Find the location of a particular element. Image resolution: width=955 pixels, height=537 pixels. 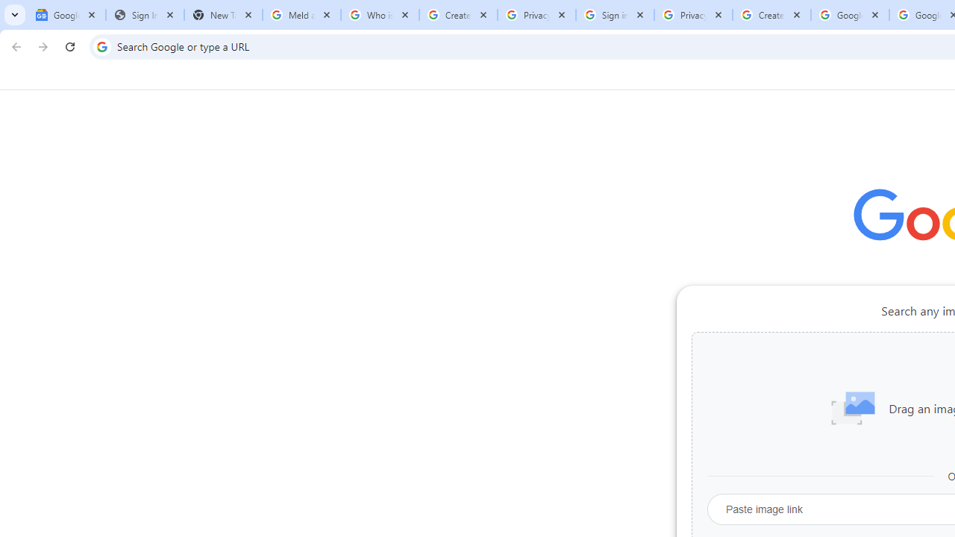

'Sign In - USA TODAY' is located at coordinates (145, 15).